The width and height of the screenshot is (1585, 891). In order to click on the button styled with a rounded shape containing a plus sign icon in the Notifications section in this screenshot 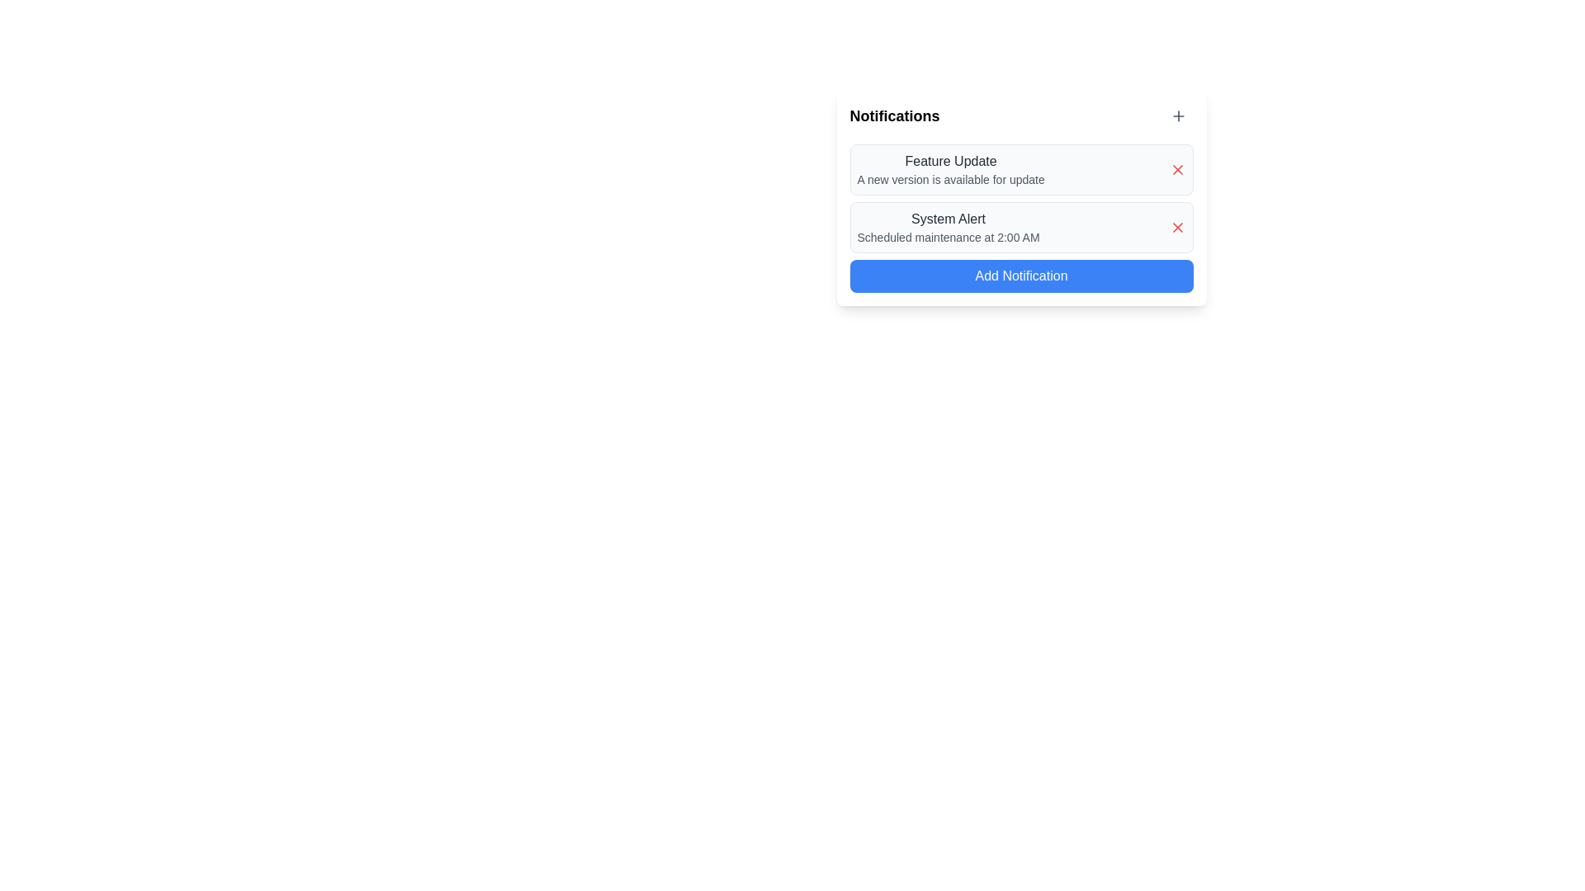, I will do `click(1177, 115)`.